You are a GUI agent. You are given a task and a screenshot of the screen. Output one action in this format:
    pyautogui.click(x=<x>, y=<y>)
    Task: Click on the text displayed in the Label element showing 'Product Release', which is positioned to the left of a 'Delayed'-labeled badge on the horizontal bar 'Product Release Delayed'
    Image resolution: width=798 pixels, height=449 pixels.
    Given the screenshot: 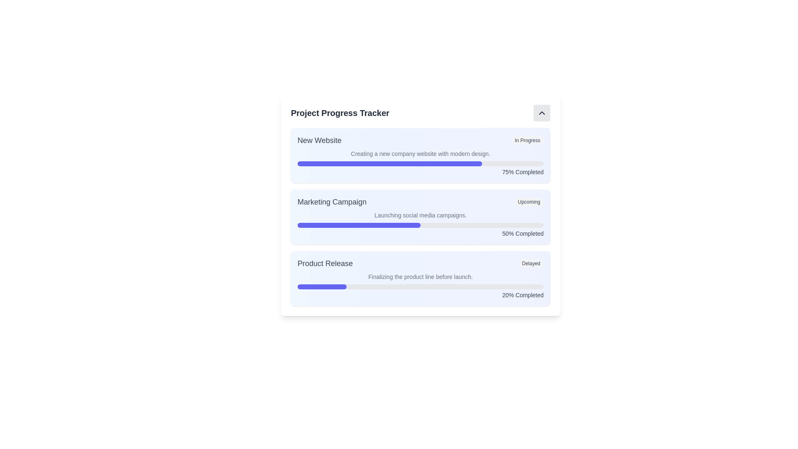 What is the action you would take?
    pyautogui.click(x=325, y=263)
    